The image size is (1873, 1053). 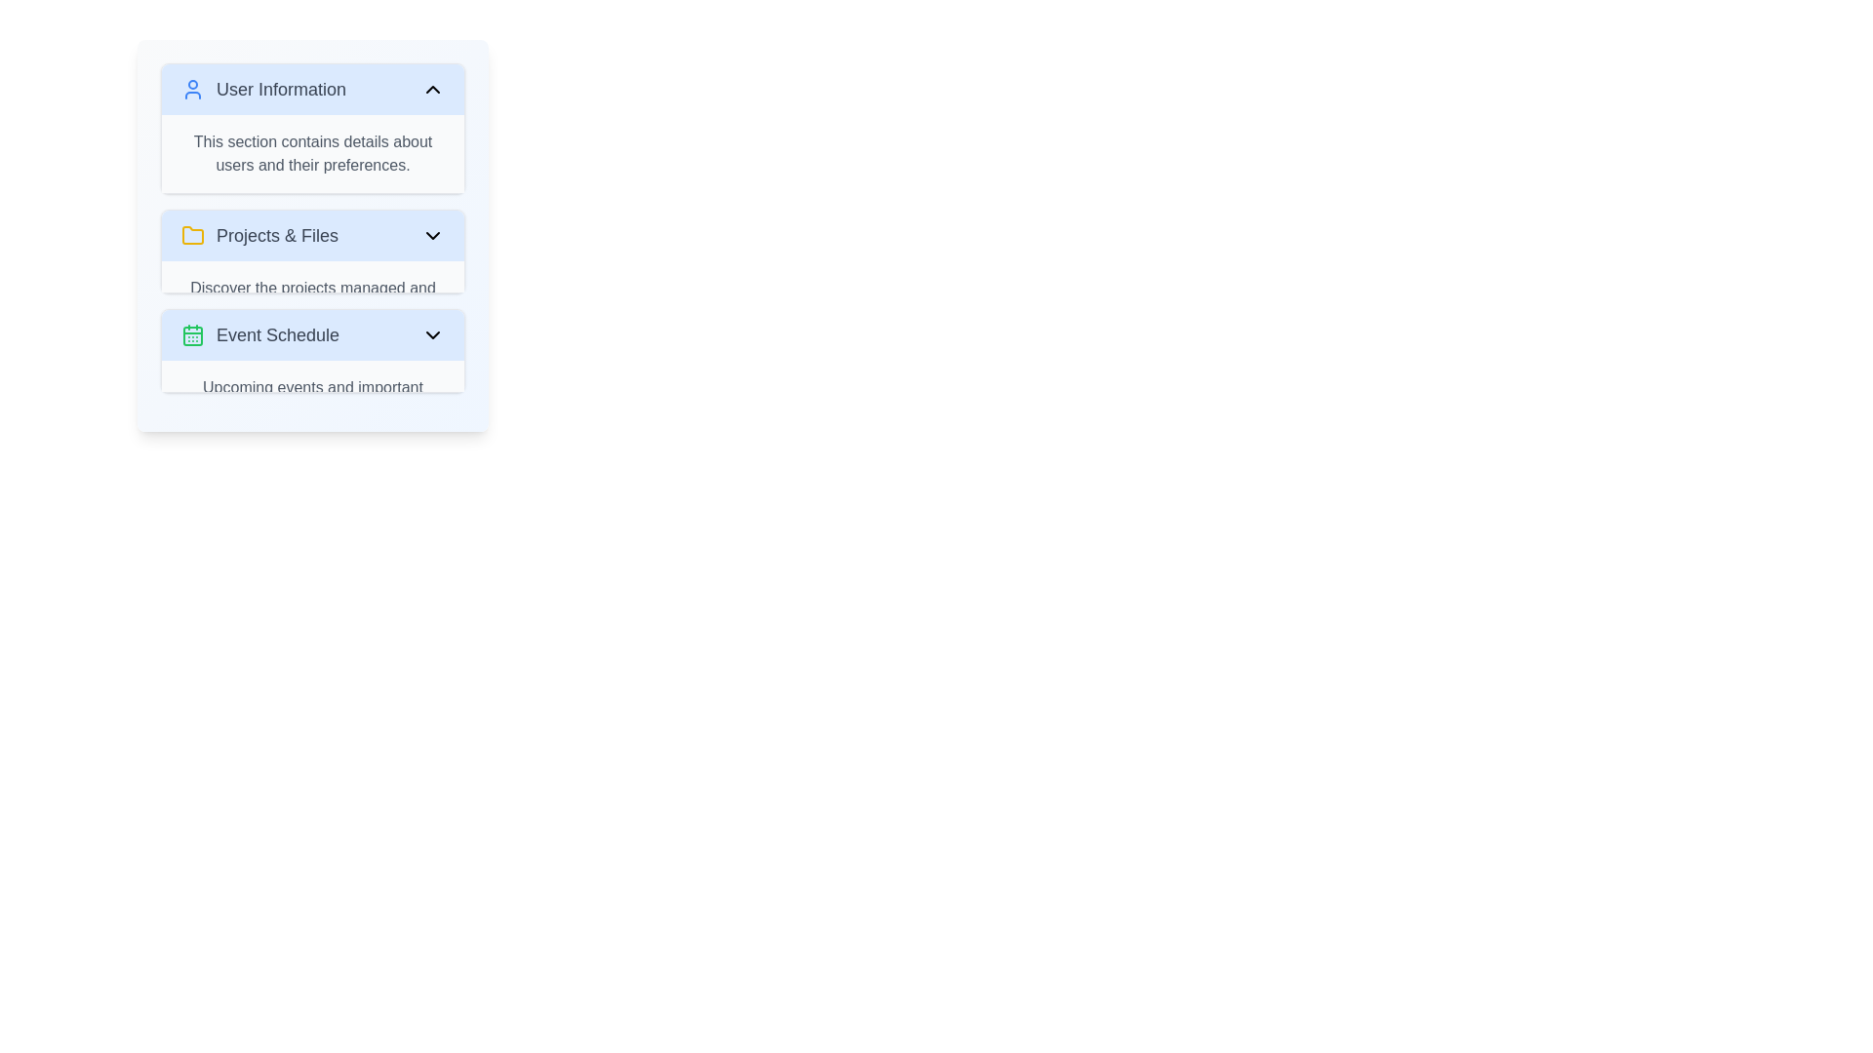 What do you see at coordinates (313, 251) in the screenshot?
I see `the chevron icon in the second expandable card section` at bounding box center [313, 251].